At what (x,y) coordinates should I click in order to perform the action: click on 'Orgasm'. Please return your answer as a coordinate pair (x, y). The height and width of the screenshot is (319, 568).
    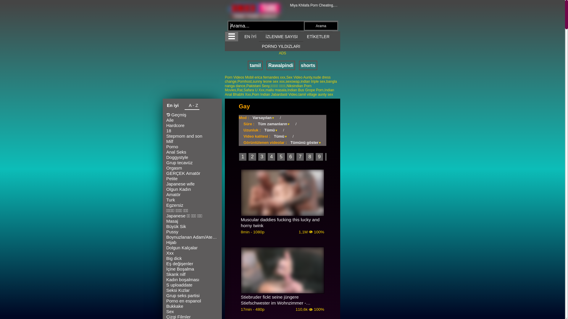
    Looking at the image, I should click on (192, 168).